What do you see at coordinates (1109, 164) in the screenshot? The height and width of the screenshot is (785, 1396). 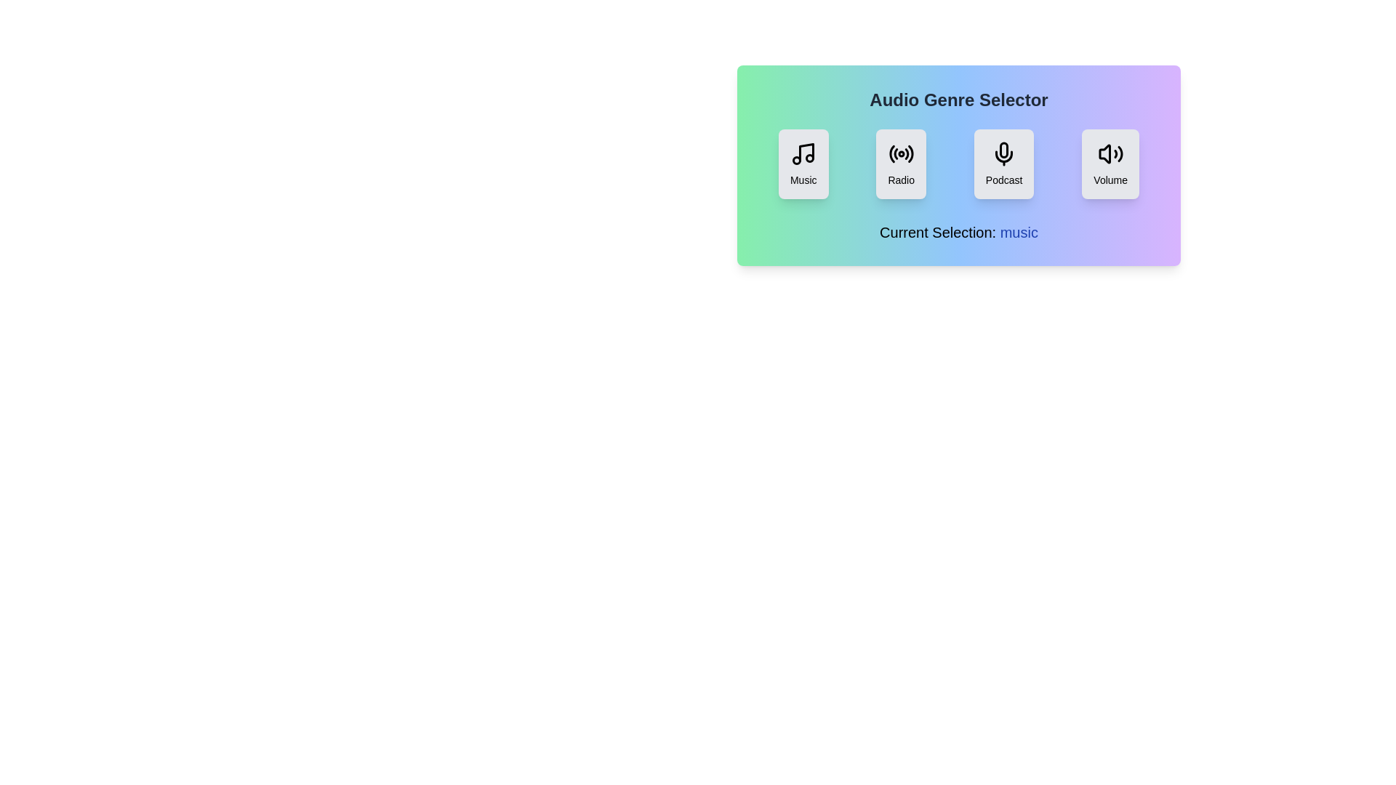 I see `the genre Volume by clicking on its button` at bounding box center [1109, 164].